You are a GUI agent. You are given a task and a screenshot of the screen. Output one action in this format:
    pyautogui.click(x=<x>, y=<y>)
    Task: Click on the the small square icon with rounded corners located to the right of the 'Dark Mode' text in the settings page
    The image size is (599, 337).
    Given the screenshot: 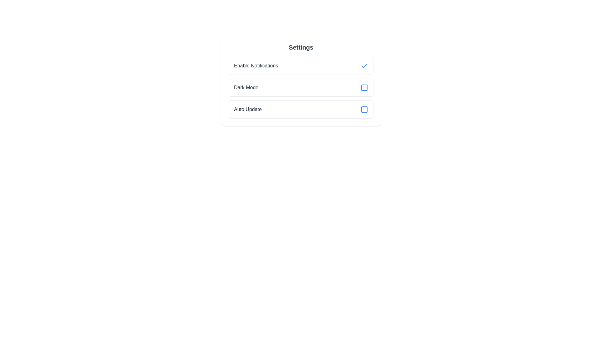 What is the action you would take?
    pyautogui.click(x=364, y=88)
    